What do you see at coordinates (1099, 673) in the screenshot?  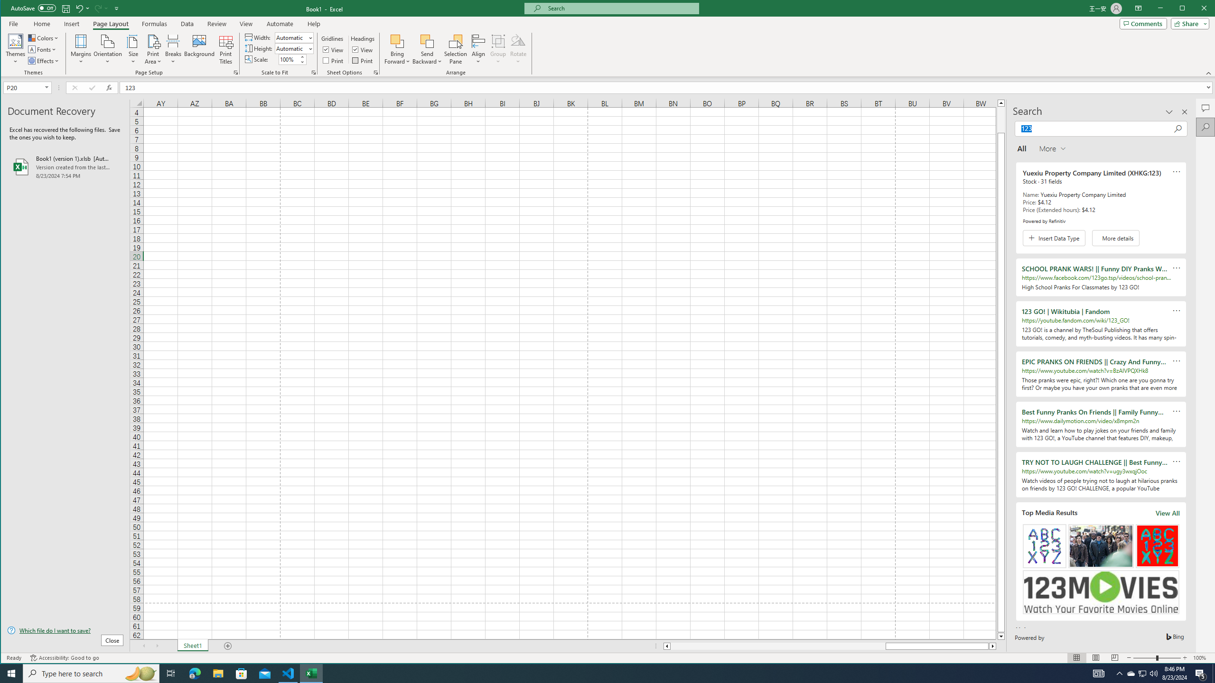 I see `'AutomationID: 4105'` at bounding box center [1099, 673].